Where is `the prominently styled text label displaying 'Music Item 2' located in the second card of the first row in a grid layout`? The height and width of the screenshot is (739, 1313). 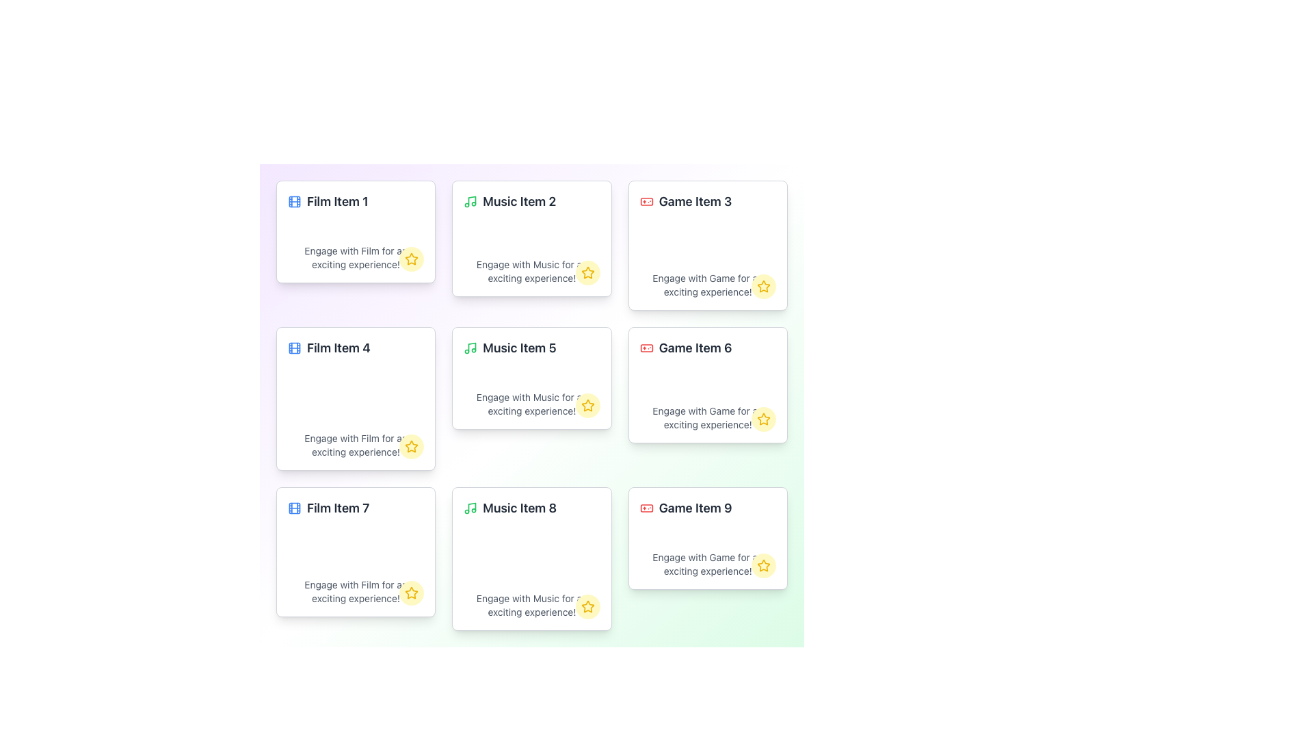 the prominently styled text label displaying 'Music Item 2' located in the second card of the first row in a grid layout is located at coordinates (518, 201).